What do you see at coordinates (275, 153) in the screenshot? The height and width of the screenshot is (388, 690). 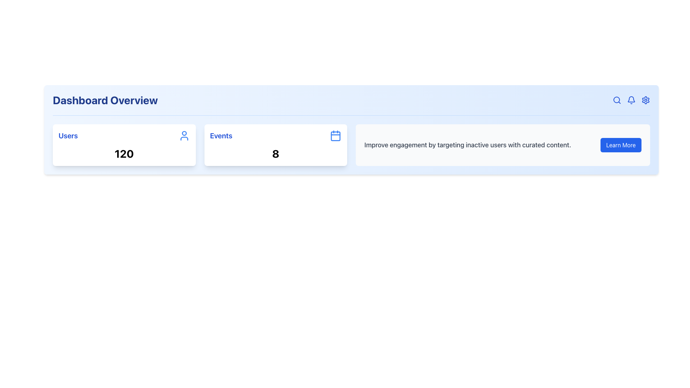 I see `the Text Display that shows the numerical value associated with the 'Events' label, located below the 'Events' label and adjacent calendar icon in the second card from the left` at bounding box center [275, 153].